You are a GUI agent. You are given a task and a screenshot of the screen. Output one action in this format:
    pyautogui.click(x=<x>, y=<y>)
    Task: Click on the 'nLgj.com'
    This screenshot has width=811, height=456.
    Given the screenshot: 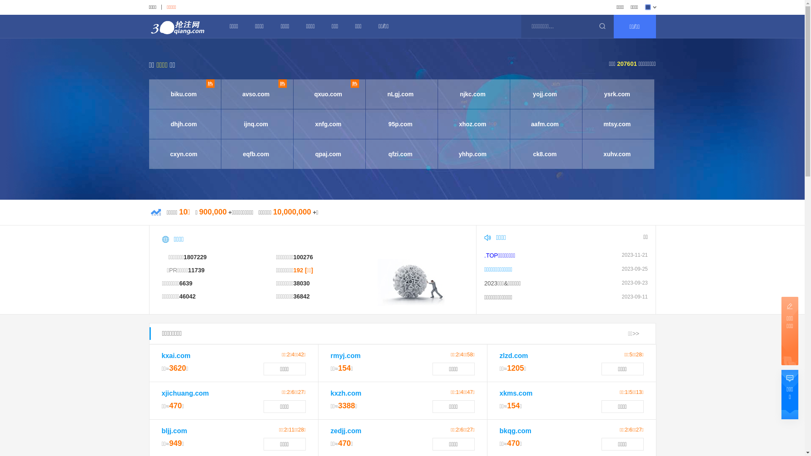 What is the action you would take?
    pyautogui.click(x=400, y=94)
    